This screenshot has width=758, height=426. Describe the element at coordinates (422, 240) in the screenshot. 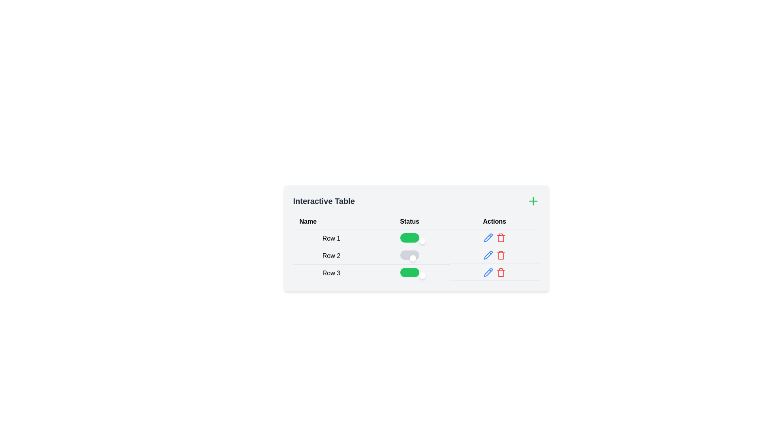

I see `the circular knob of the toggle switch located on the right side of the green rounded rectangle in the 'Status' column of 'Row 1'` at that location.